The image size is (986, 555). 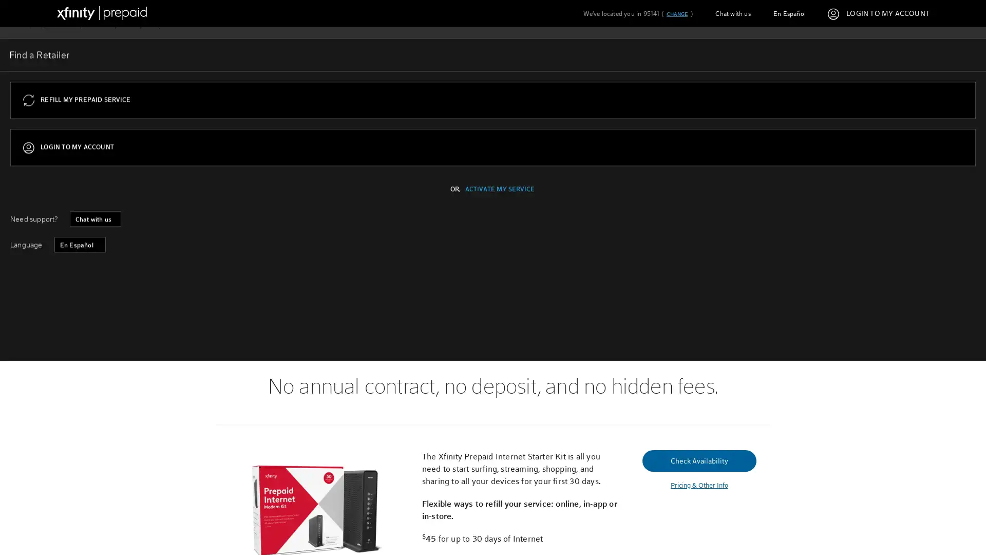 What do you see at coordinates (687, 238) in the screenshot?
I see `Close this dialog window` at bounding box center [687, 238].